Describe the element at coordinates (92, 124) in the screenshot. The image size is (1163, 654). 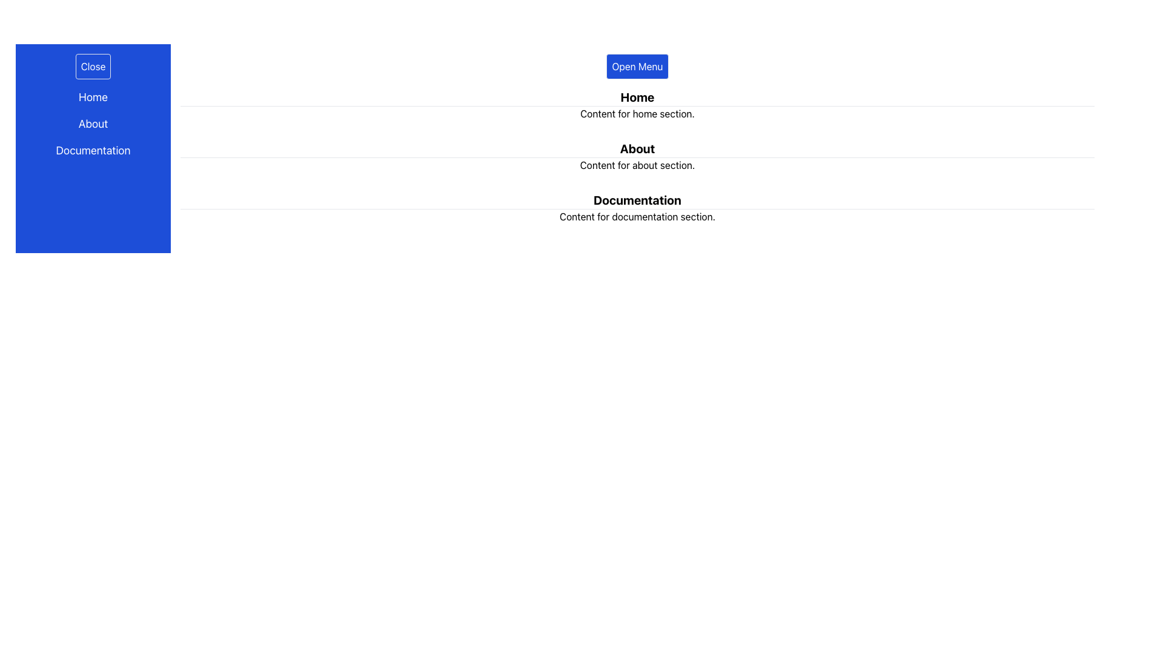
I see `the 'About' text label, which is styled in white on a blue background and located in the left-hand side navigation menu between 'Home' and 'Documentation'` at that location.